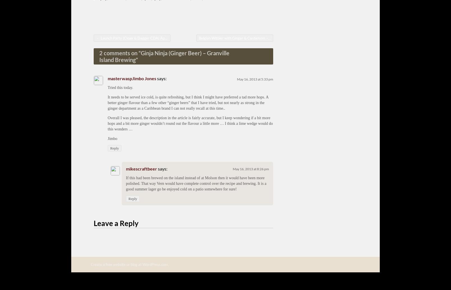 The image size is (451, 290). Describe the element at coordinates (99, 56) in the screenshot. I see `'Ginja Ninja (Ginger Beer) – Granville Island Brewing'` at that location.